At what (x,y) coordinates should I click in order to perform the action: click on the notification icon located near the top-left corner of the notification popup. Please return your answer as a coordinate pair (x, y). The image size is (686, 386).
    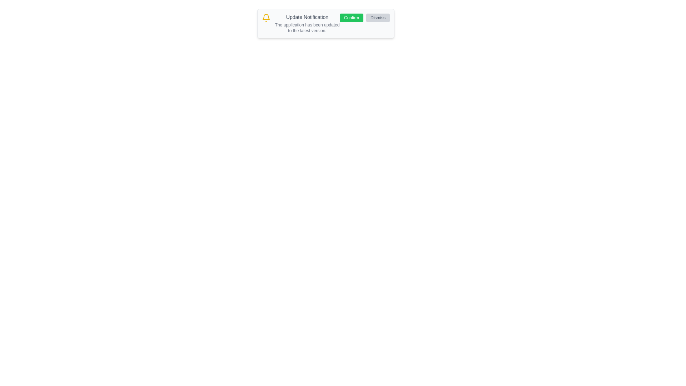
    Looking at the image, I should click on (265, 16).